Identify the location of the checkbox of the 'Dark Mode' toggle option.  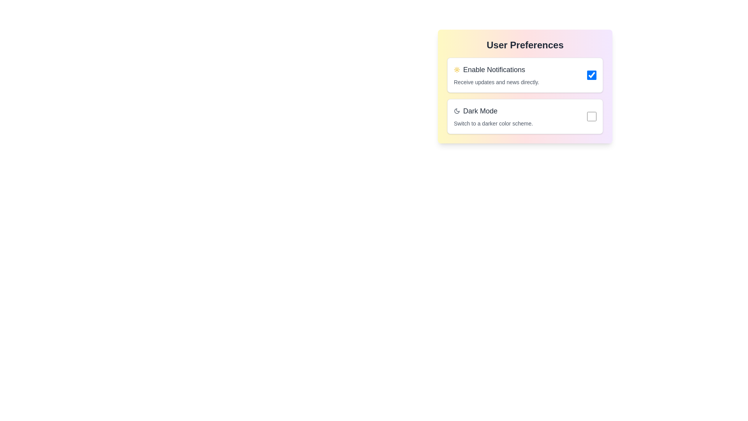
(525, 117).